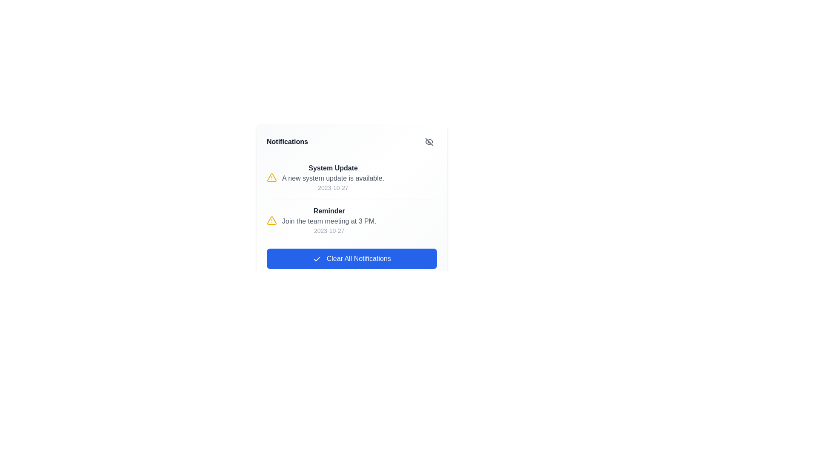 The image size is (817, 459). What do you see at coordinates (351, 219) in the screenshot?
I see `reminder text from the second notification entry in the notification list that reminds the user of a scheduled team meeting at 3 PM on the date 2023-10-27, located below the 'System Update' notification` at bounding box center [351, 219].